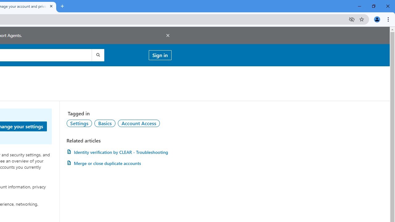  I want to click on 'Merge or close duplicate accounts', so click(119, 163).